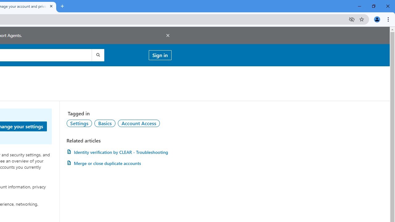  I want to click on 'Merge or close duplicate accounts', so click(119, 163).